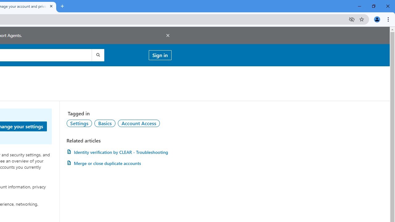  I want to click on 'Merge or close duplicate accounts', so click(119, 163).